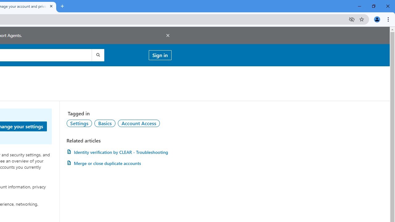  I want to click on 'Merge or close duplicate accounts', so click(119, 163).